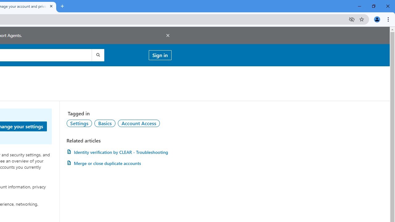  I want to click on 'Merge or close duplicate accounts', so click(119, 163).